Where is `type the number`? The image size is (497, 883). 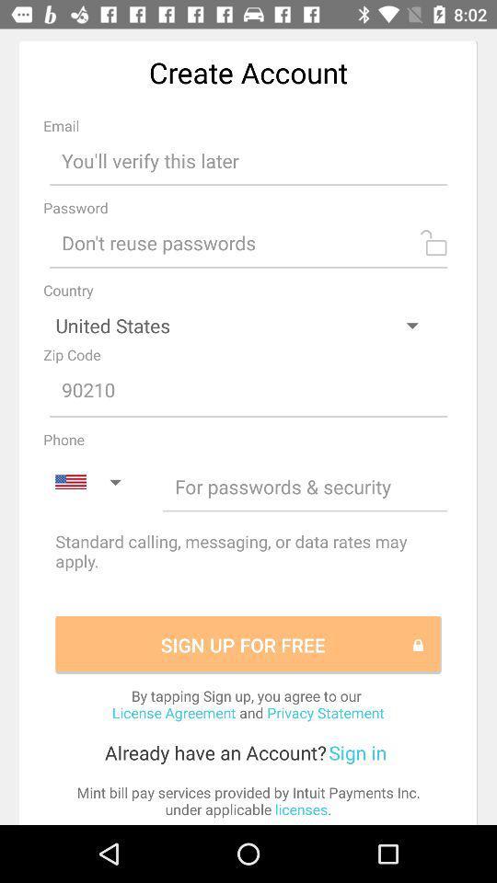
type the number is located at coordinates (248, 391).